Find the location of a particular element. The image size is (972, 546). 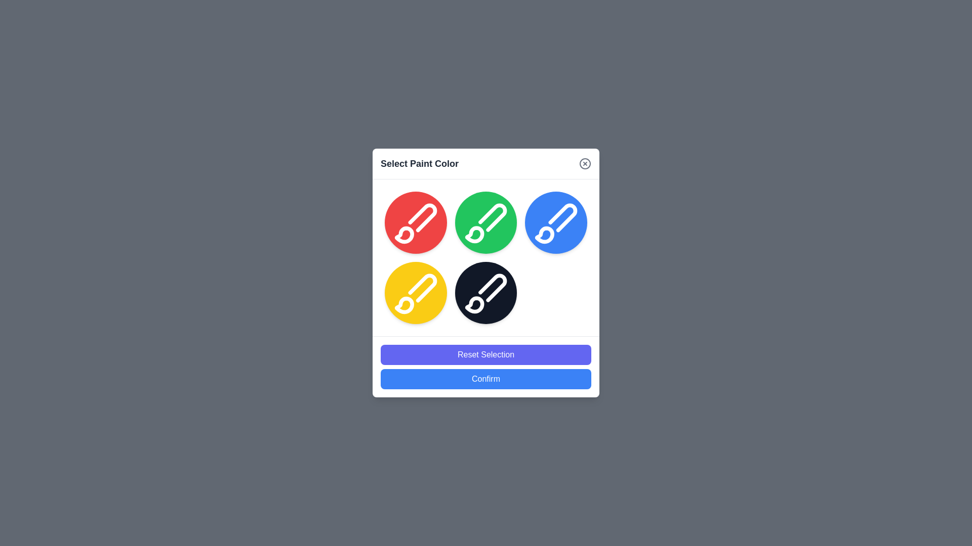

the 'X' close button to close the dialog is located at coordinates (585, 163).